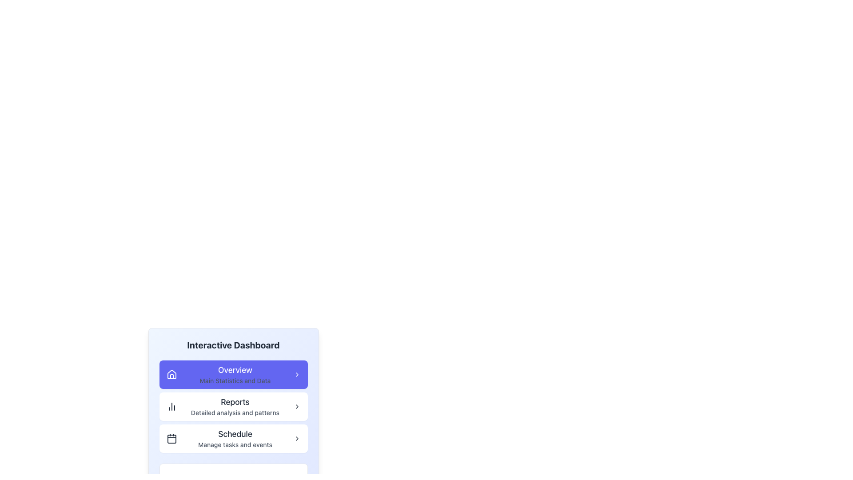 The height and width of the screenshot is (480, 853). What do you see at coordinates (235, 445) in the screenshot?
I see `the subtitle text 'Manage tasks and events' which appears below the 'Schedule' text in the sidebar menu of the Interactive Dashboard` at bounding box center [235, 445].